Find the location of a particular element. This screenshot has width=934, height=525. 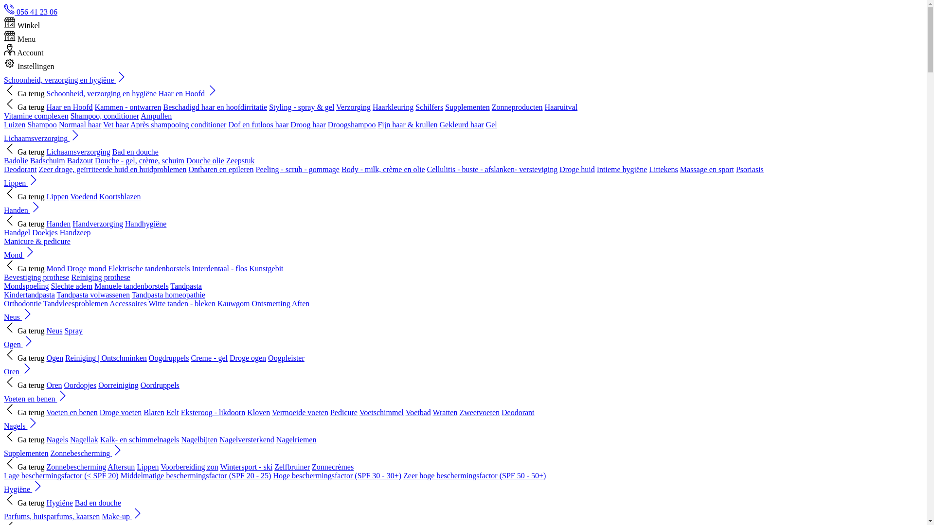

'Mond' is located at coordinates (46, 268).